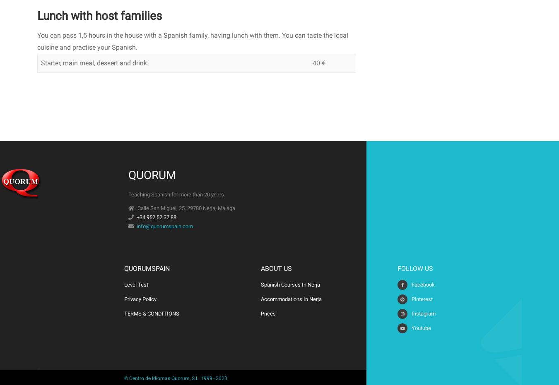 This screenshot has height=385, width=559. Describe the element at coordinates (261, 299) in the screenshot. I see `'Accommodations in Nerja'` at that location.